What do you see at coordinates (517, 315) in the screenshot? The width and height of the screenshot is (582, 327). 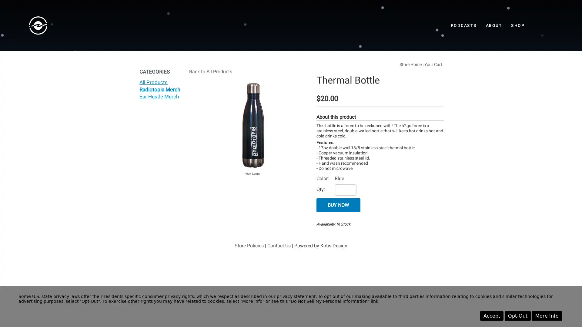 I see `Opt-Out` at bounding box center [517, 315].